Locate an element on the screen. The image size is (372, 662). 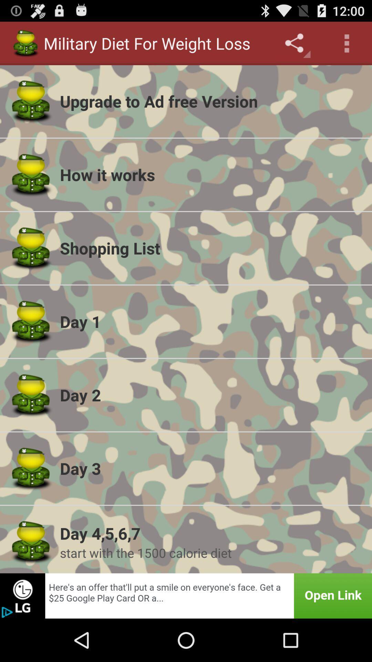
day 3 is located at coordinates (211, 468).